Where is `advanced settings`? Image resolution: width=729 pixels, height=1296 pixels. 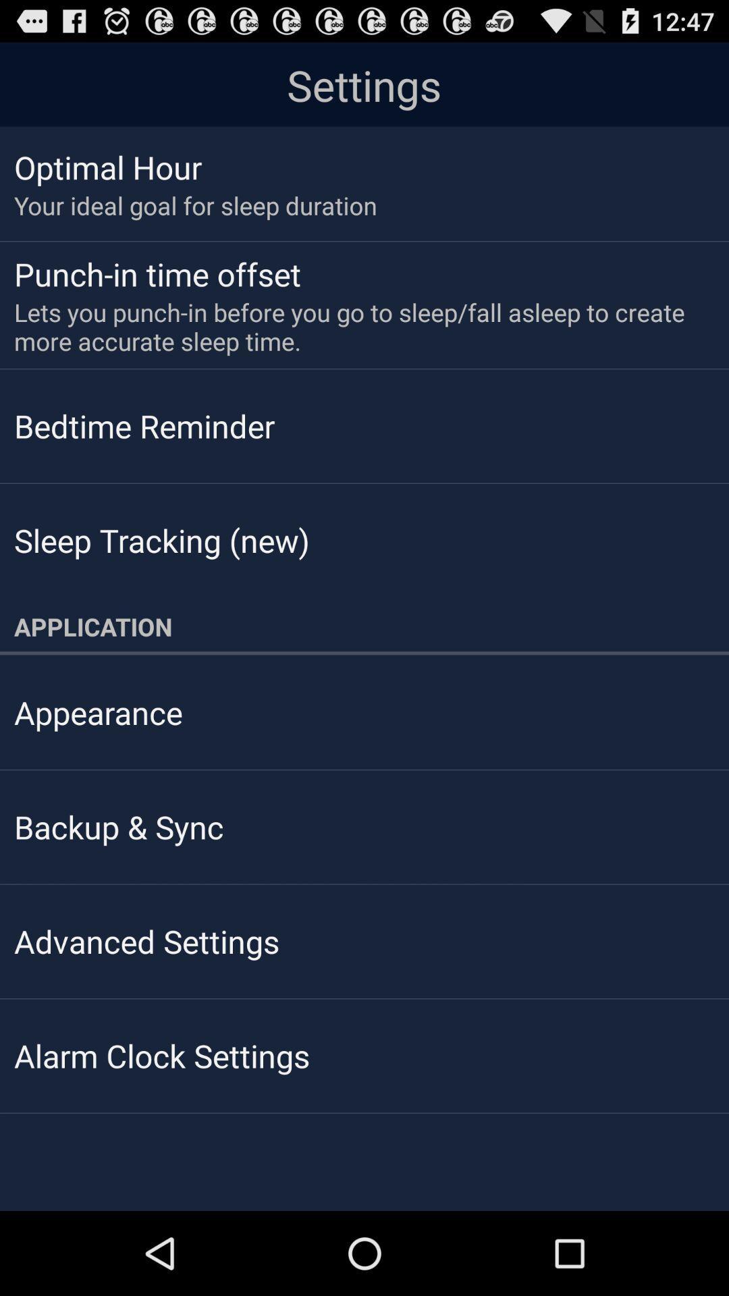 advanced settings is located at coordinates (146, 940).